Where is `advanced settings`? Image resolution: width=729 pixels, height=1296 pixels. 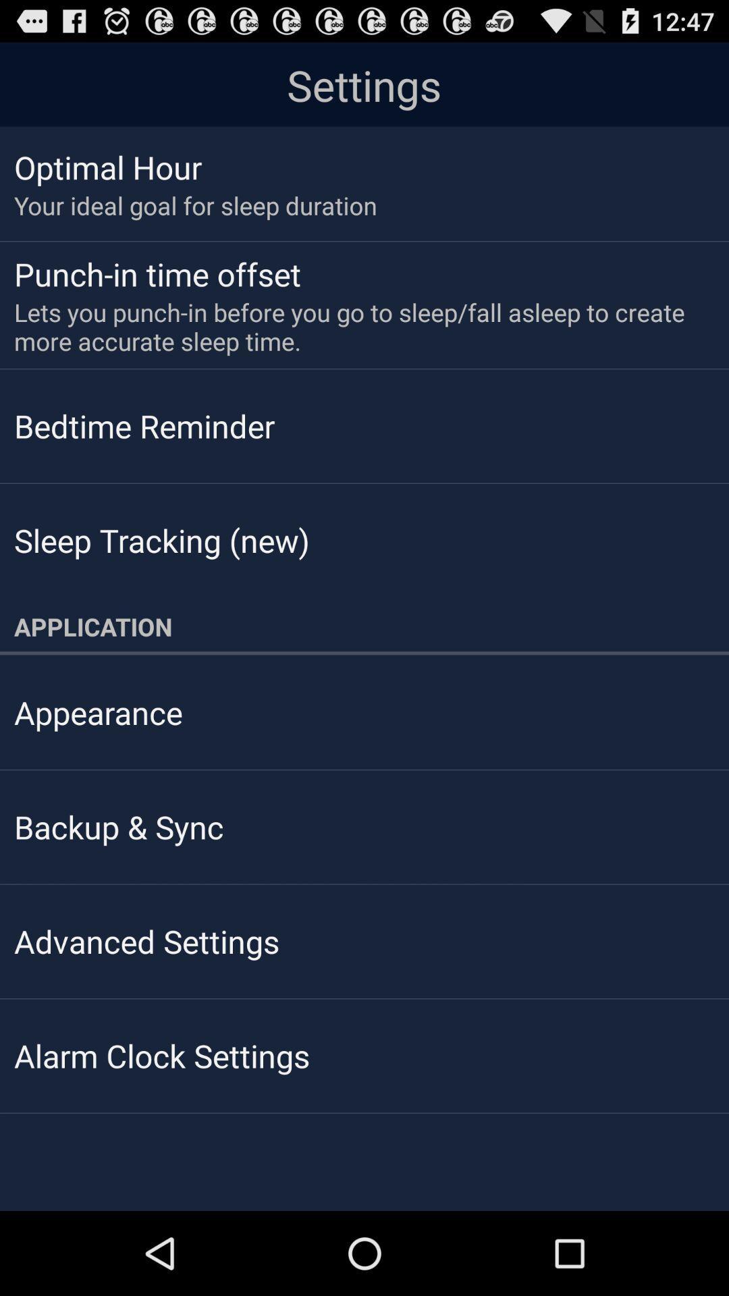 advanced settings is located at coordinates (146, 940).